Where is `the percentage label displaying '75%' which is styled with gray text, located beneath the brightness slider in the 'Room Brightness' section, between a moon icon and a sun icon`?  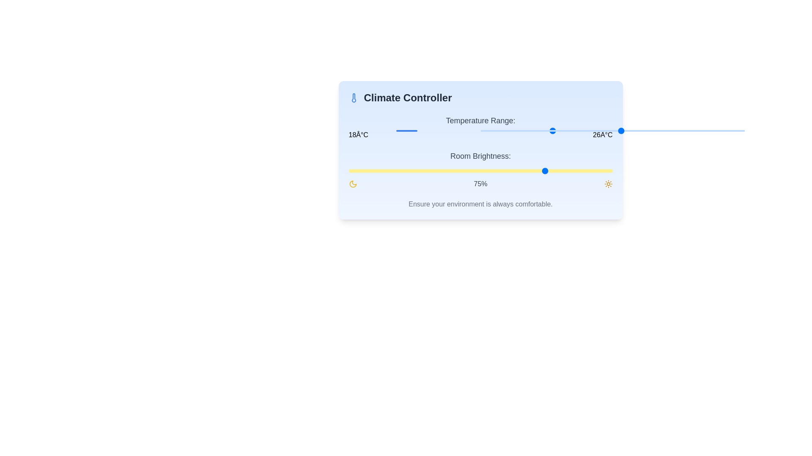
the percentage label displaying '75%' which is styled with gray text, located beneath the brightness slider in the 'Room Brightness' section, between a moon icon and a sun icon is located at coordinates (480, 183).